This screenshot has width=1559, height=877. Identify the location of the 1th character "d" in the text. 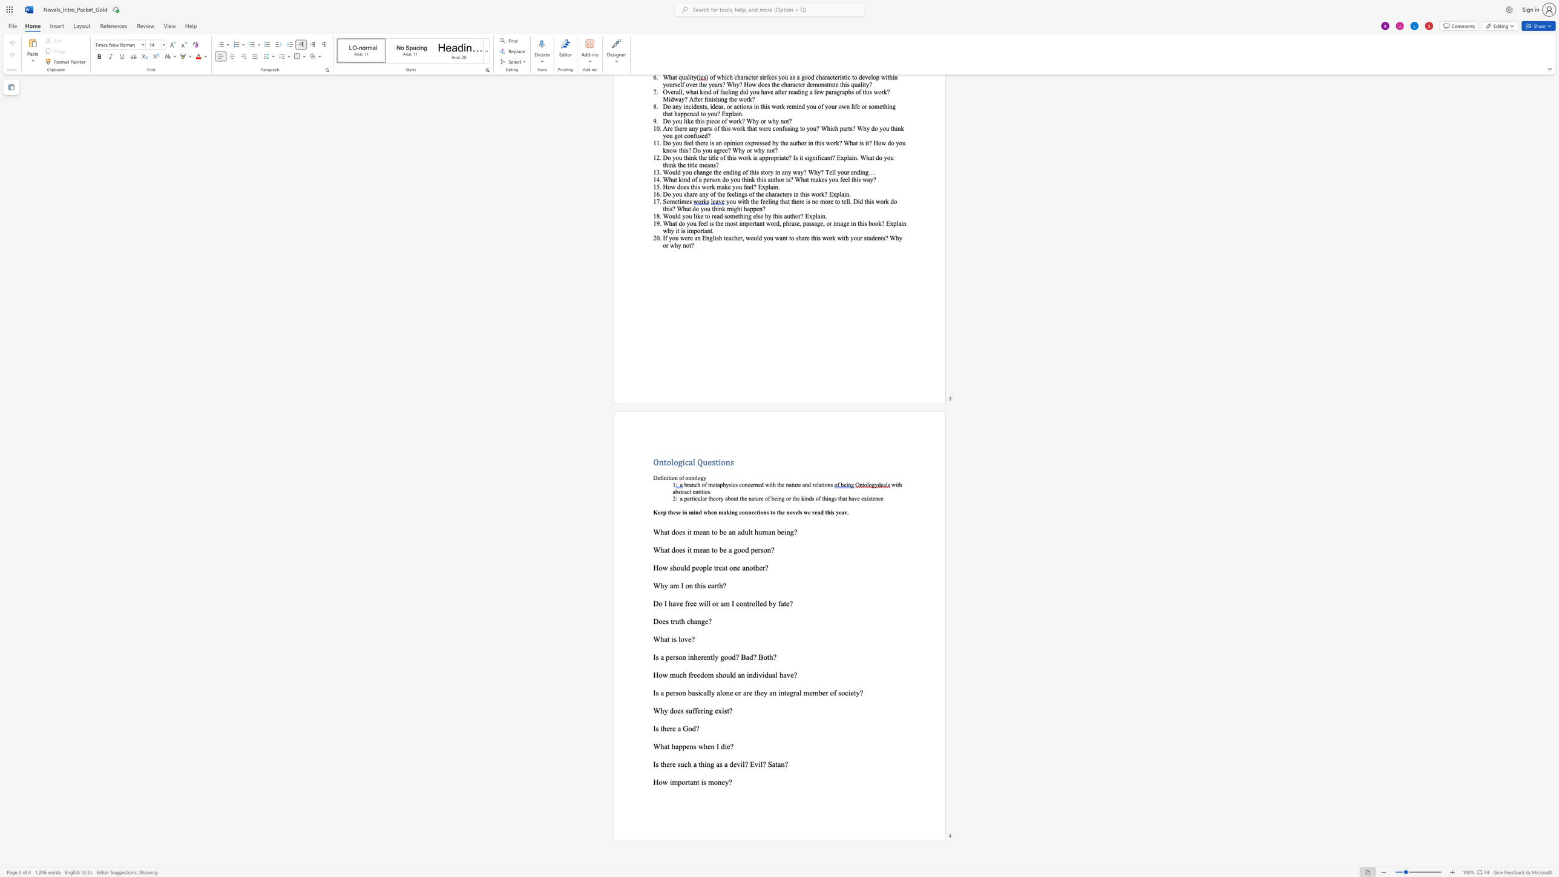
(731, 764).